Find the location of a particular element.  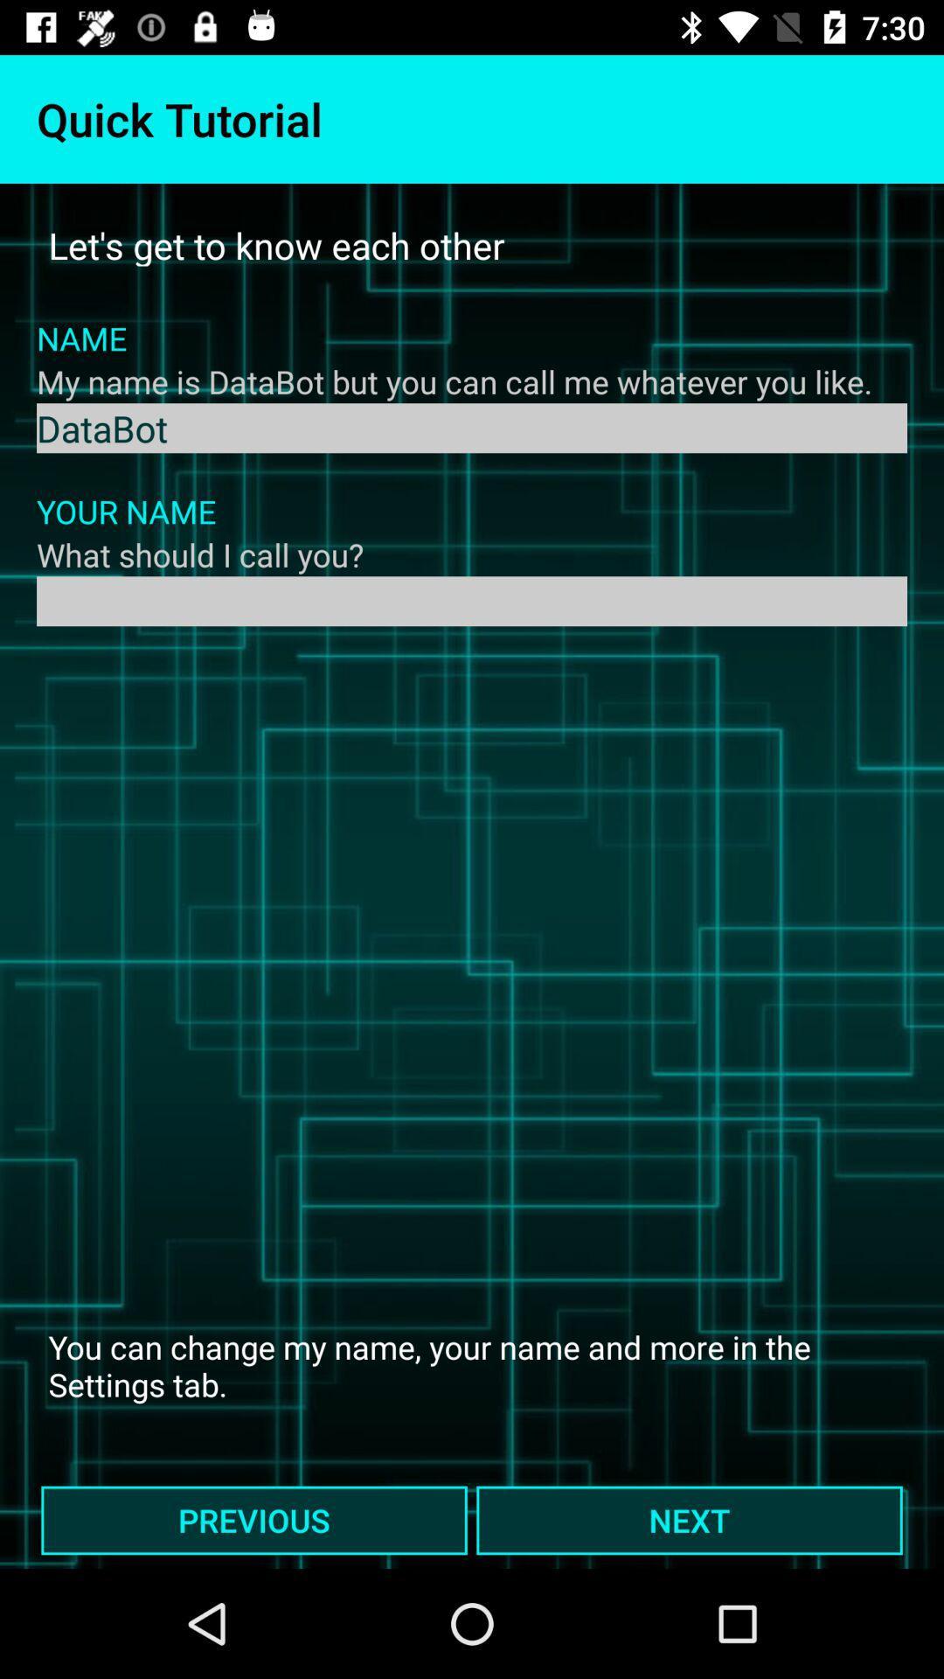

and type of name is located at coordinates (472, 601).